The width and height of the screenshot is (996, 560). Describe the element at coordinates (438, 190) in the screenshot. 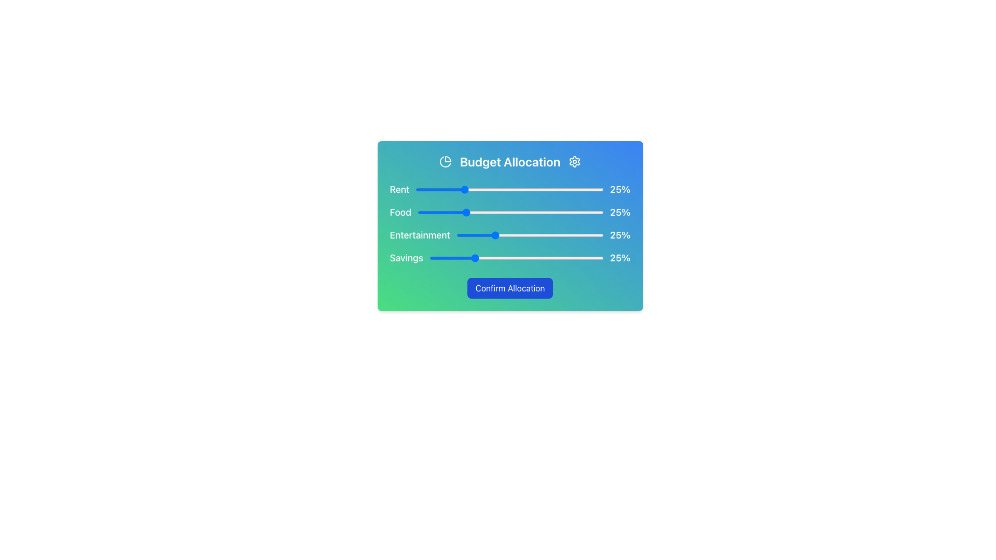

I see `the 'Rent' allocation slider` at that location.